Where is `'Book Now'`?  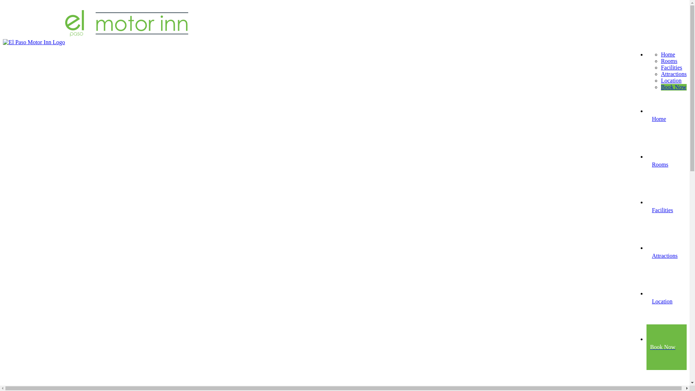
'Book Now' is located at coordinates (666, 346).